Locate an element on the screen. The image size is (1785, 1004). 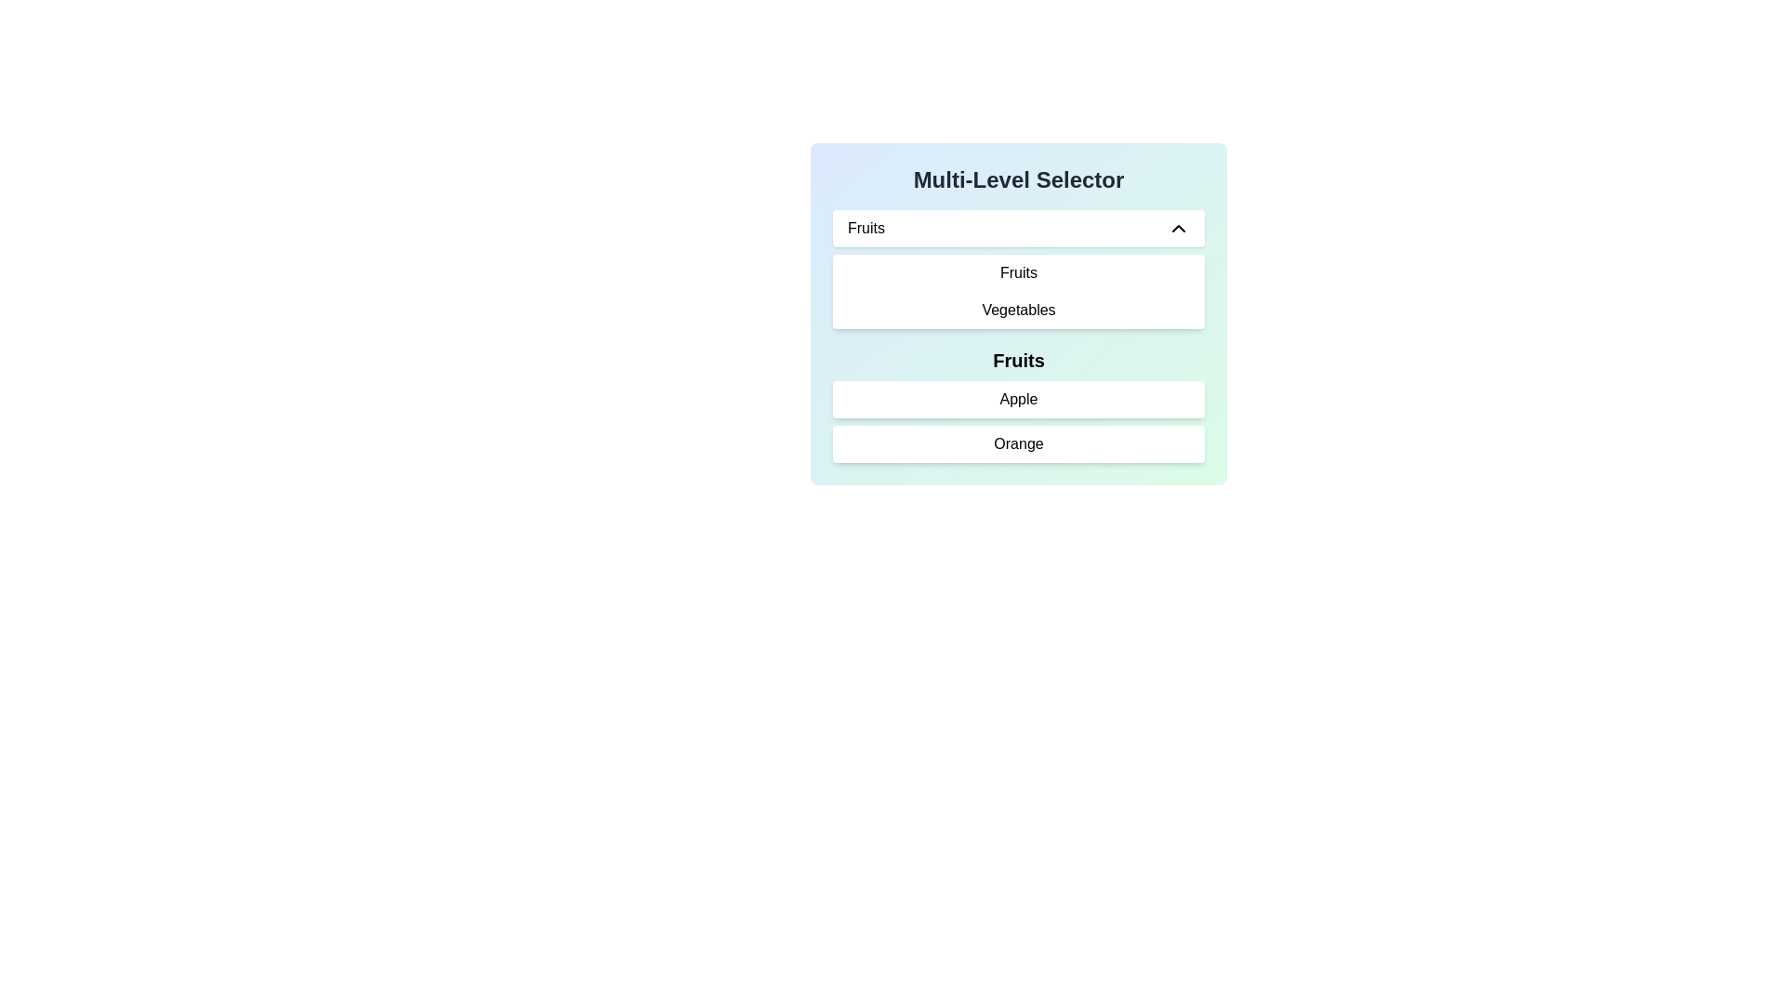
text of the header label that categorizes the subsequent items under 'Fruits', which is centrally located in the section beneath the 'Multi-Level Selector' headline is located at coordinates (1017, 403).